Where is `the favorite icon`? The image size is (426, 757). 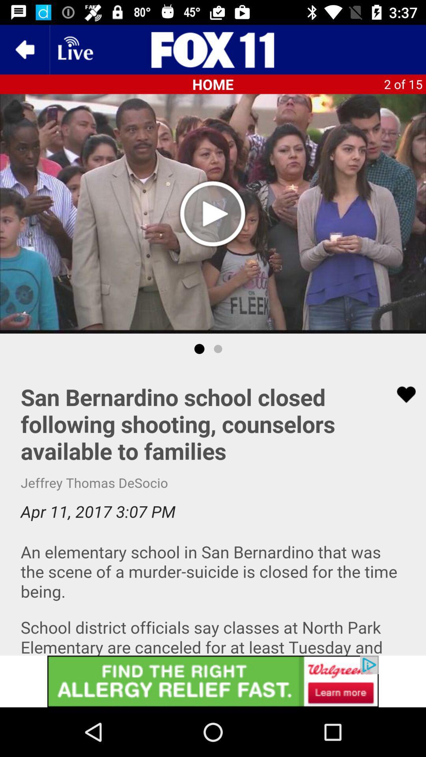 the favorite icon is located at coordinates (401, 394).